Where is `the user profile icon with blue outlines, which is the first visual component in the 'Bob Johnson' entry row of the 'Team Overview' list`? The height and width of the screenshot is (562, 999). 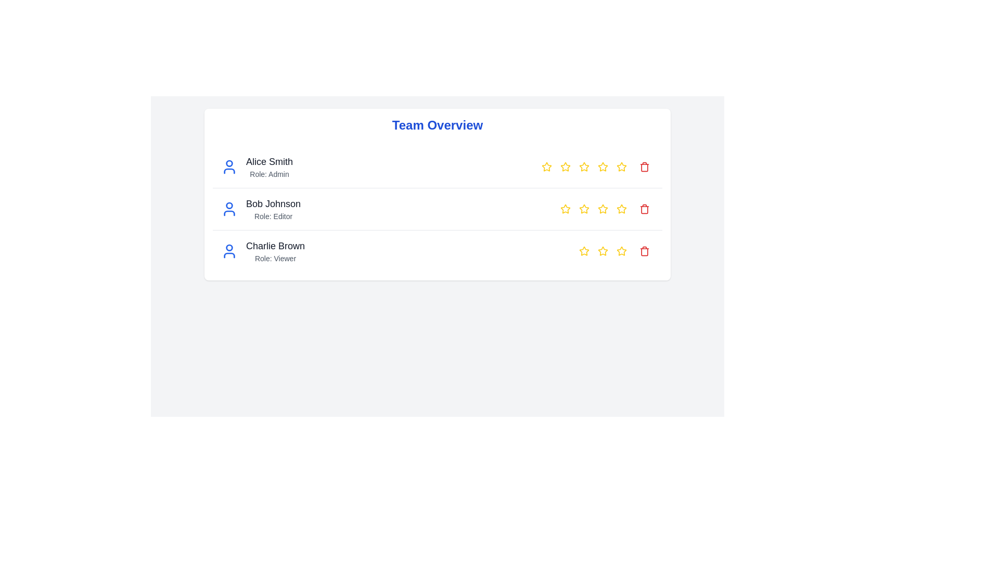
the user profile icon with blue outlines, which is the first visual component in the 'Bob Johnson' entry row of the 'Team Overview' list is located at coordinates (229, 209).